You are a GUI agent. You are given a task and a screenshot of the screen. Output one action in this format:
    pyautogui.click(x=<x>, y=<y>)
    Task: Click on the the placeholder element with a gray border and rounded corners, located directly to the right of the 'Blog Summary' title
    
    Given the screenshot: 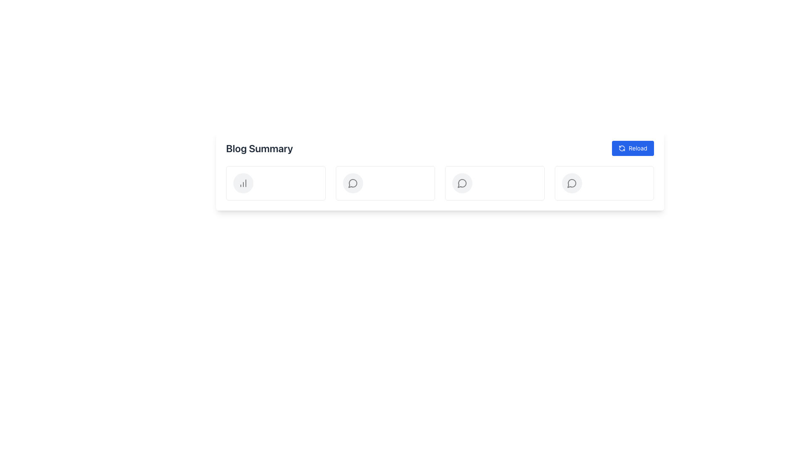 What is the action you would take?
    pyautogui.click(x=276, y=182)
    